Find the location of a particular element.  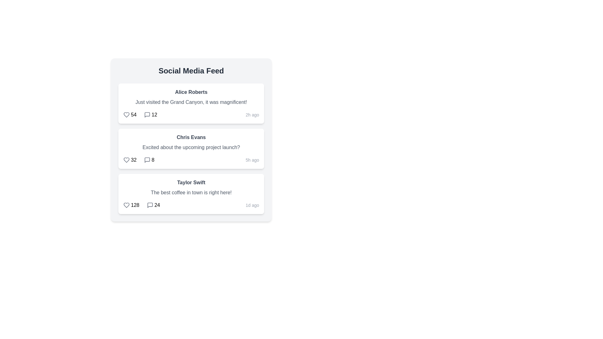

the comment icon for the post by Chris Evans is located at coordinates (147, 159).